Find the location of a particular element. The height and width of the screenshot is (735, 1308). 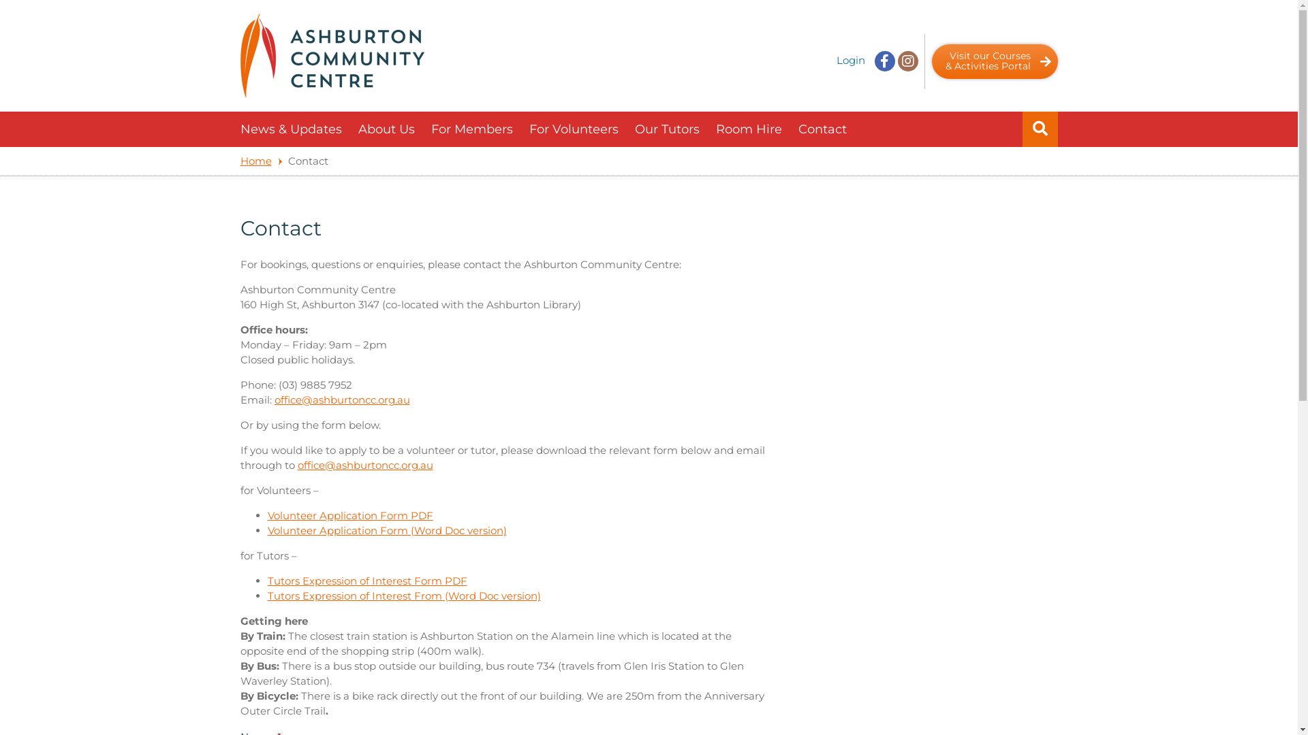

'Ashburton Community Centre' is located at coordinates (331, 54).